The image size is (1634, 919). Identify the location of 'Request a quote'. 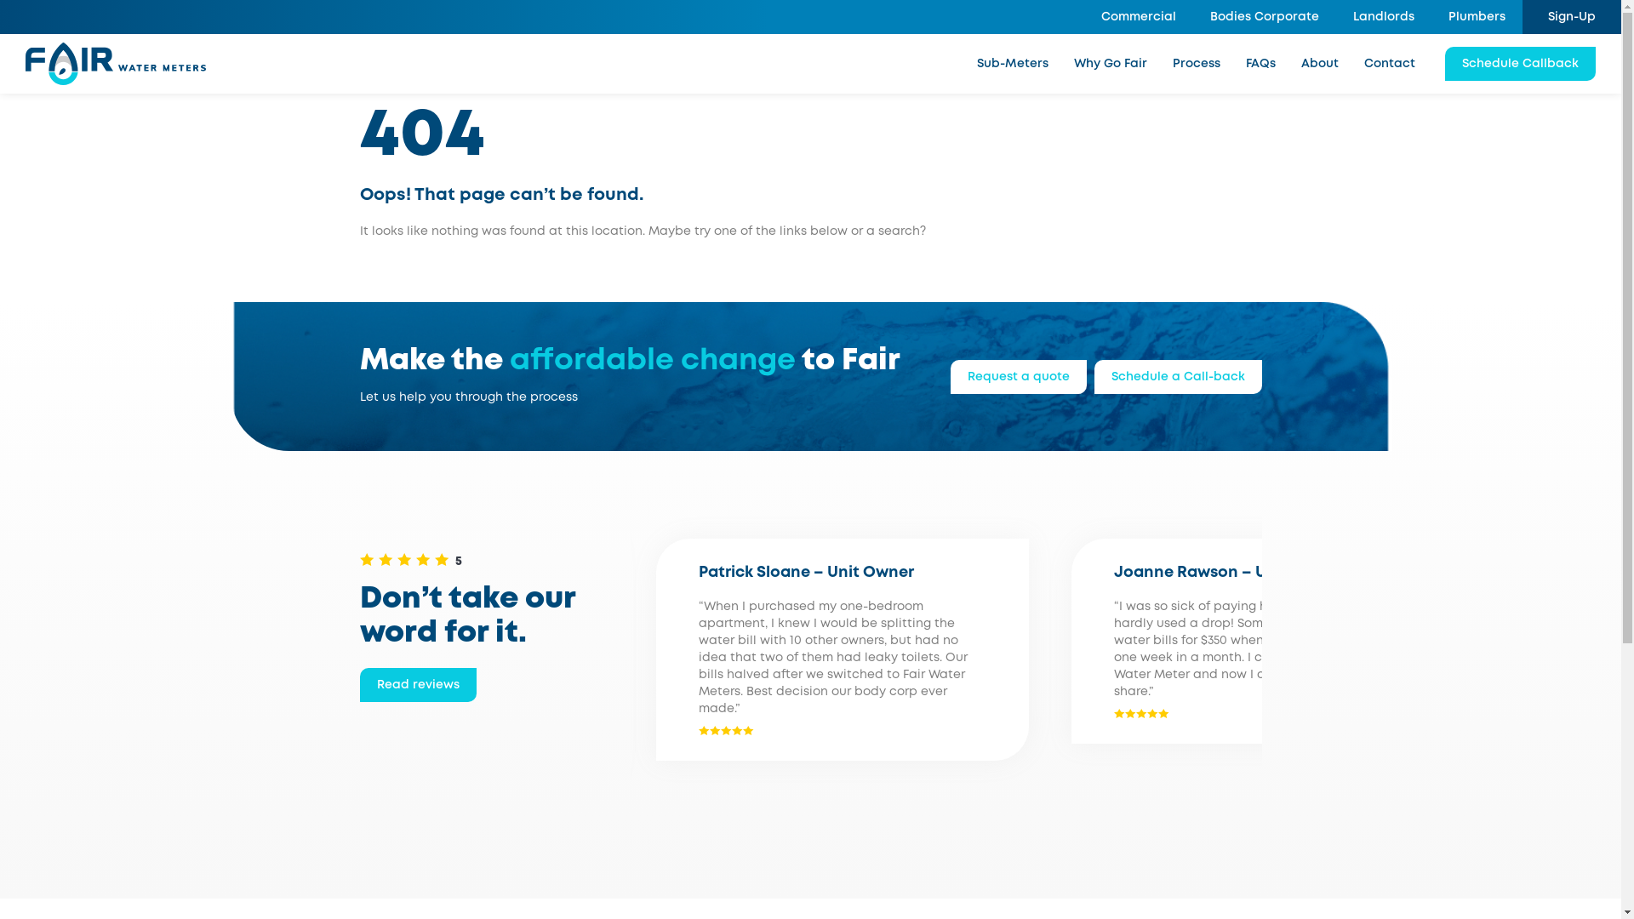
(1017, 375).